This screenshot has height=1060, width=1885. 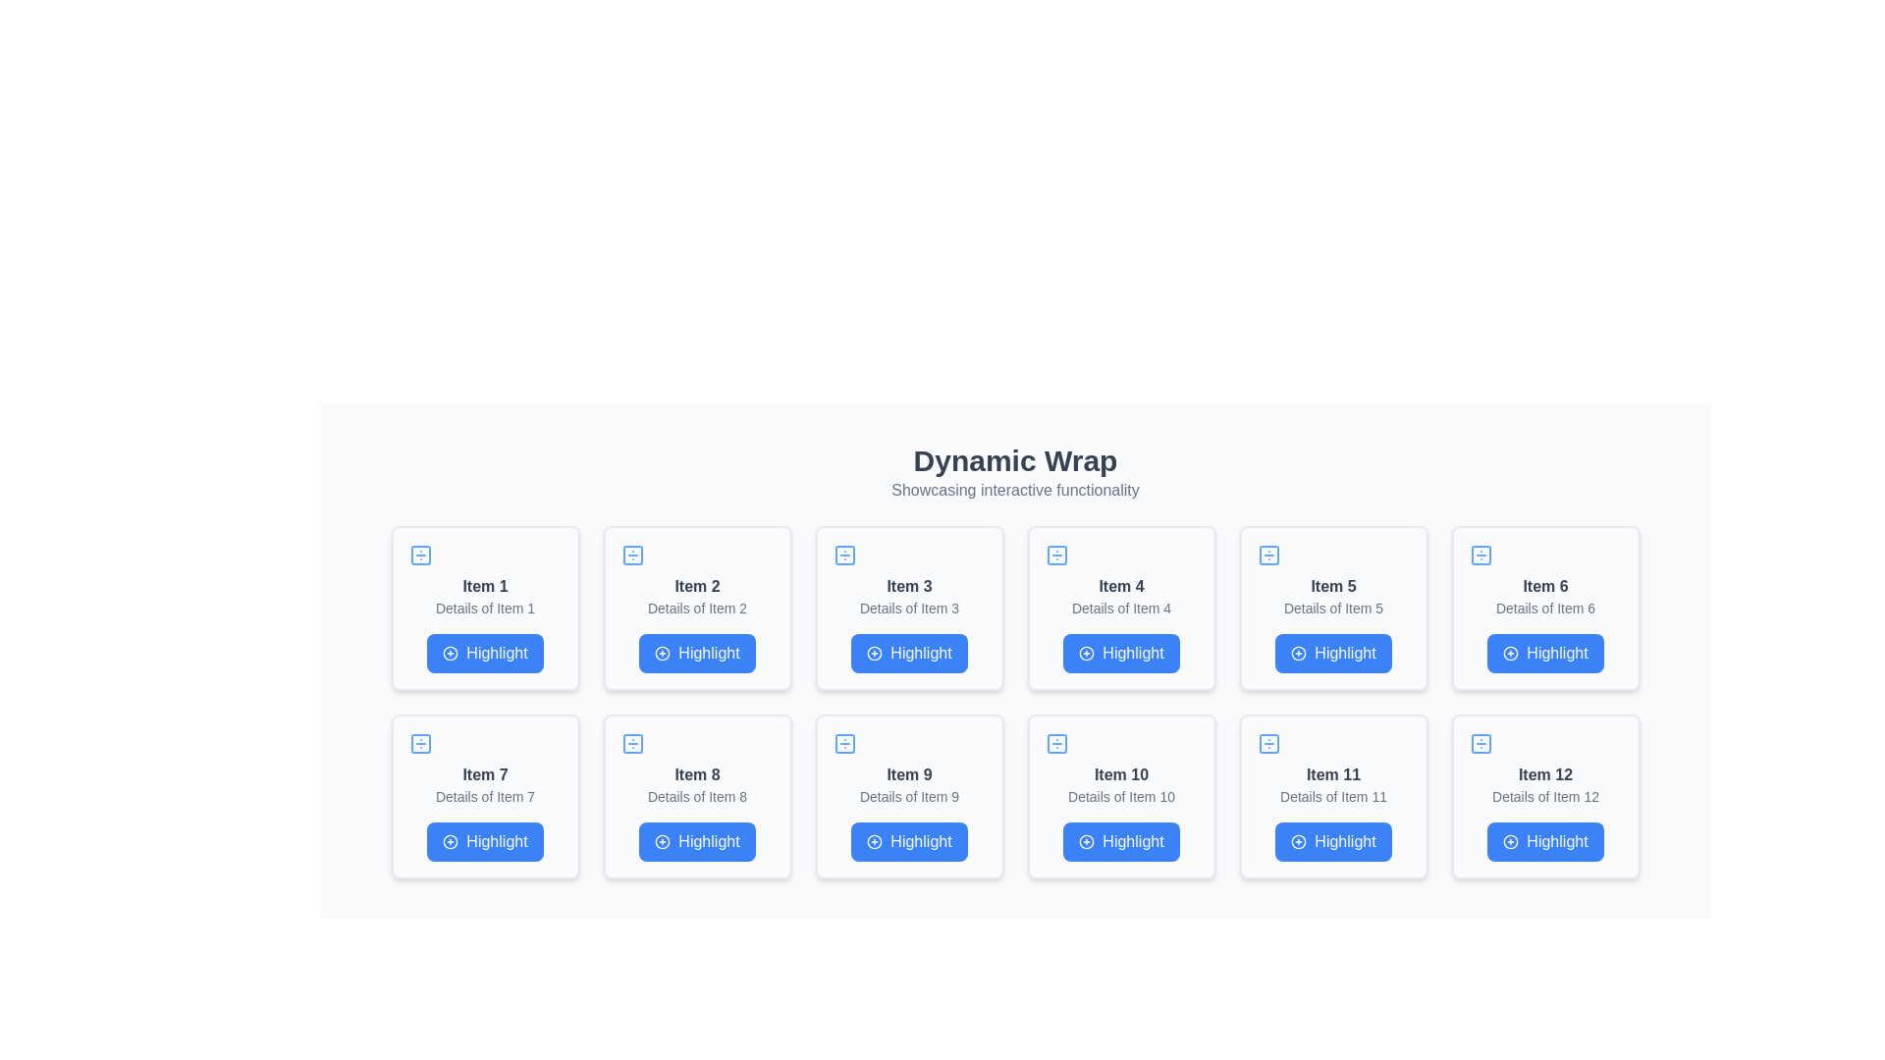 What do you see at coordinates (1481, 556) in the screenshot?
I see `the decorative visual component within the SVG icon located in the top-right corner of the card labeled 'Item 6'` at bounding box center [1481, 556].